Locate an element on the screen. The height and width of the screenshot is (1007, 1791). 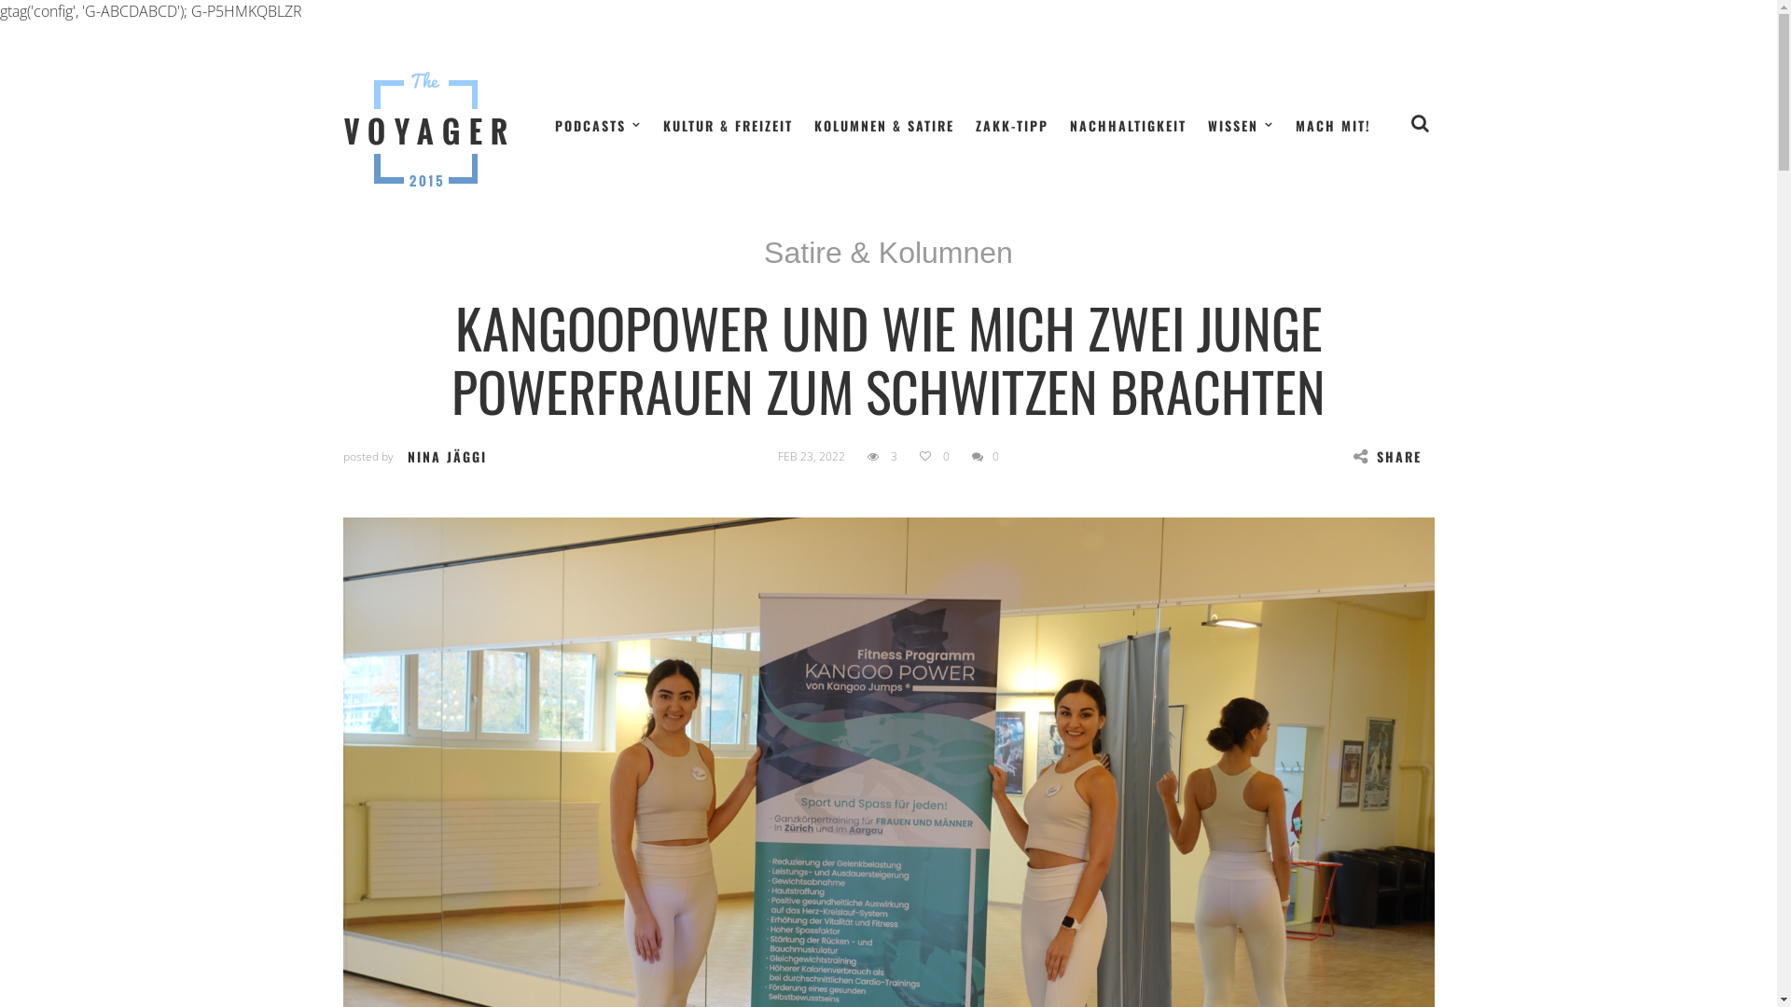
'SHARE' is located at coordinates (1386, 456).